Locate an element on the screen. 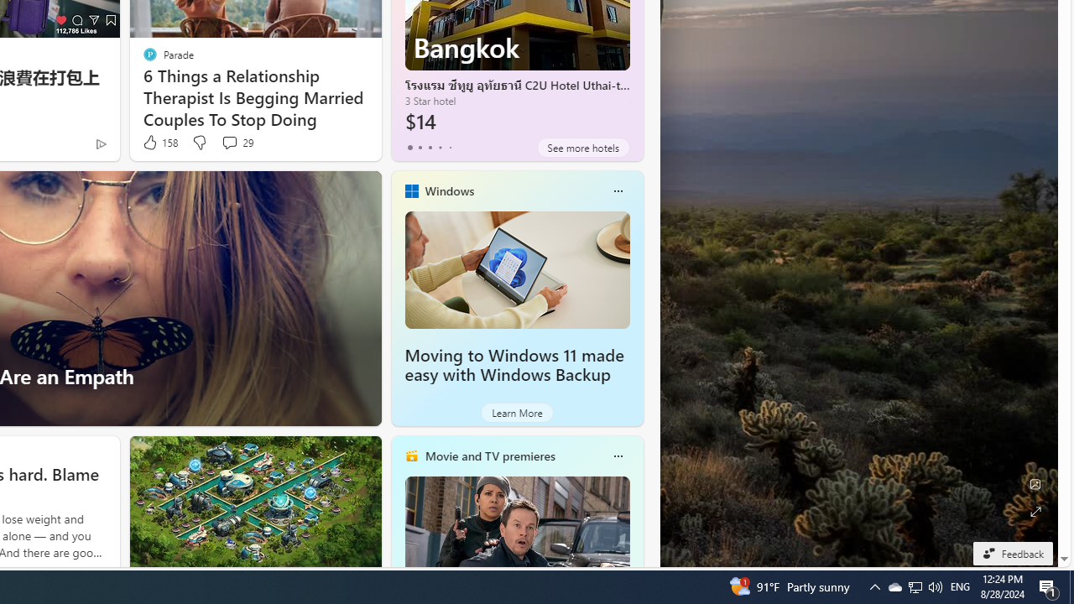  'Learn More' is located at coordinates (516, 413).